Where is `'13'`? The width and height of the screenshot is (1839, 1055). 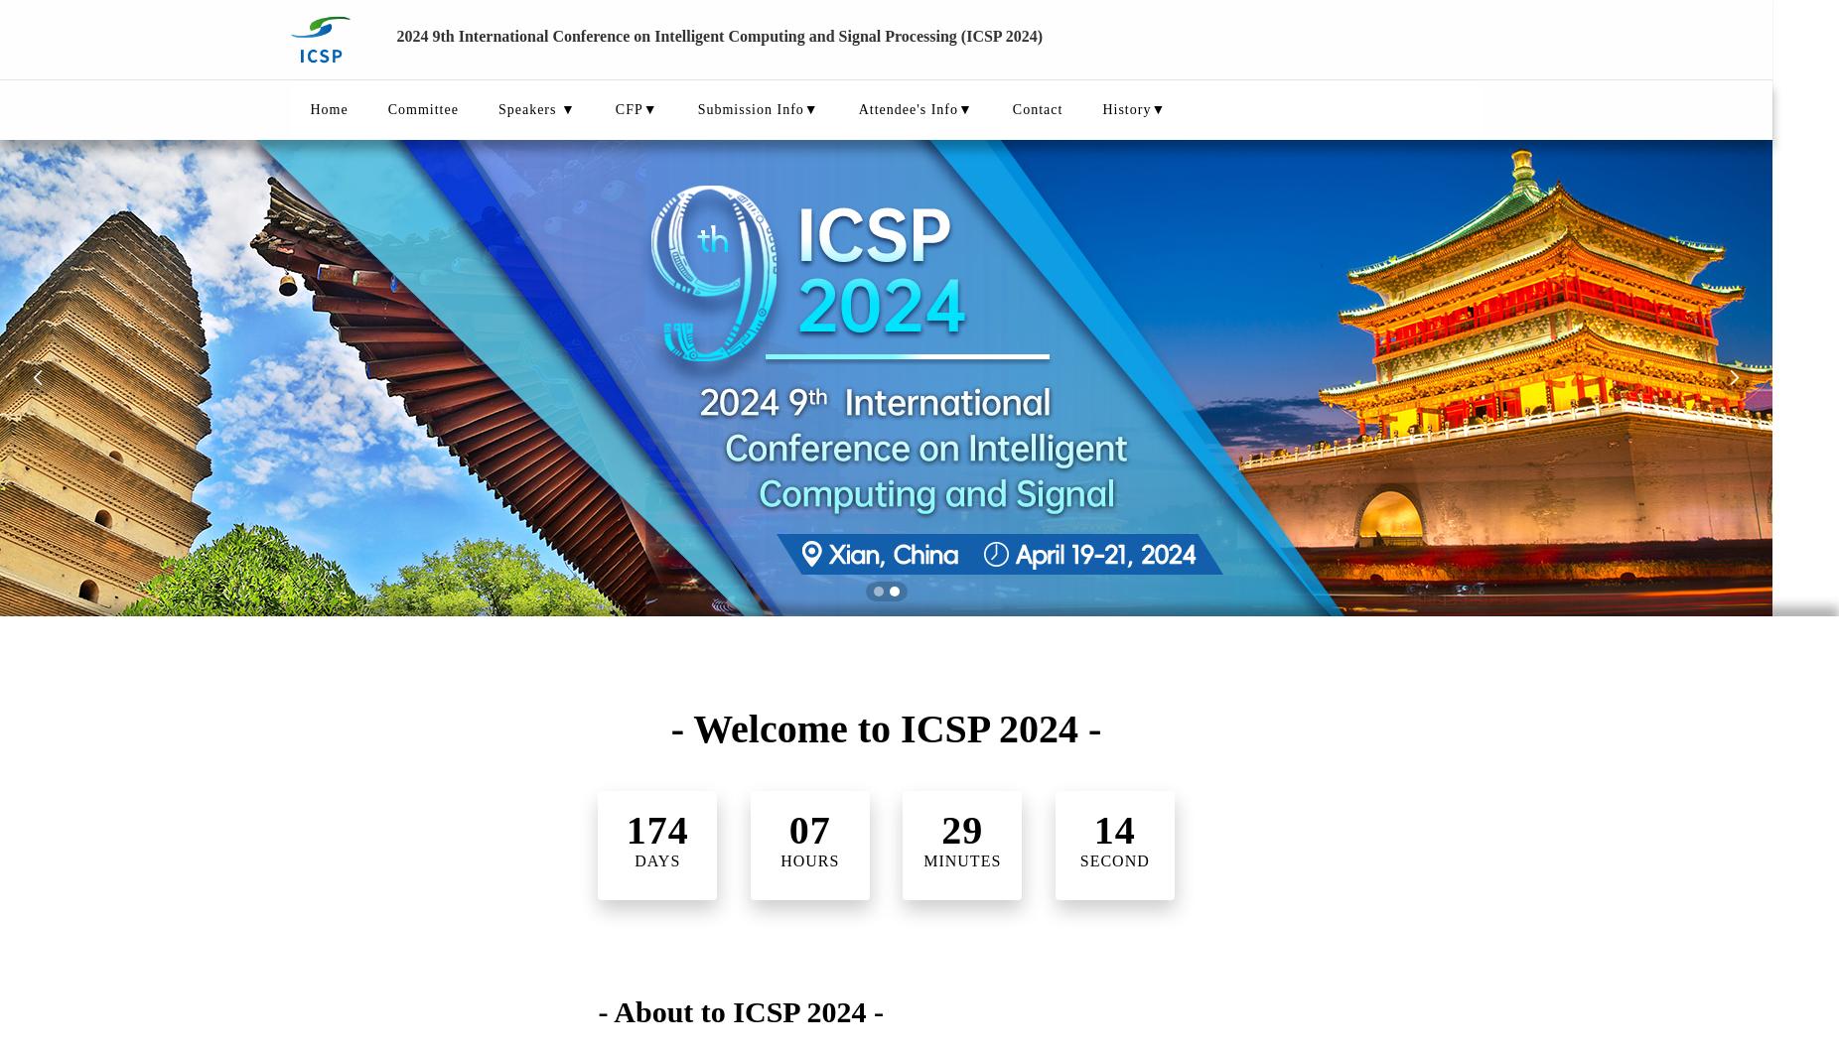 '13' is located at coordinates (1112, 829).